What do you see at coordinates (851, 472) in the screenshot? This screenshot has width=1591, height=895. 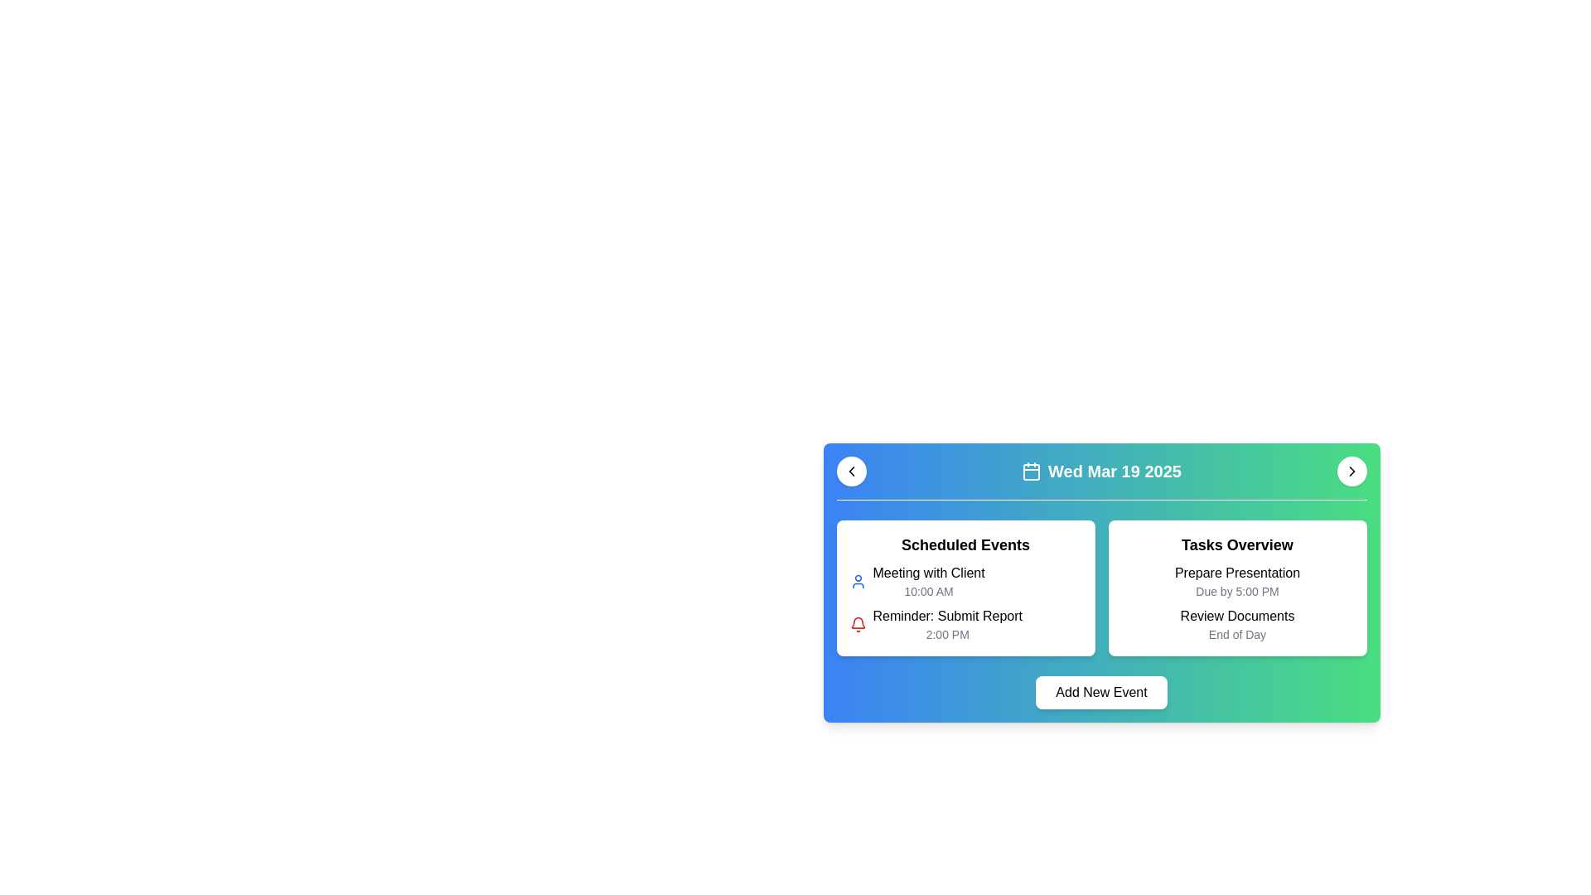 I see `the left-pointing chevron icon within the circular navigation button located at the top-left corner of the card-like interface for accessibility navigation` at bounding box center [851, 472].